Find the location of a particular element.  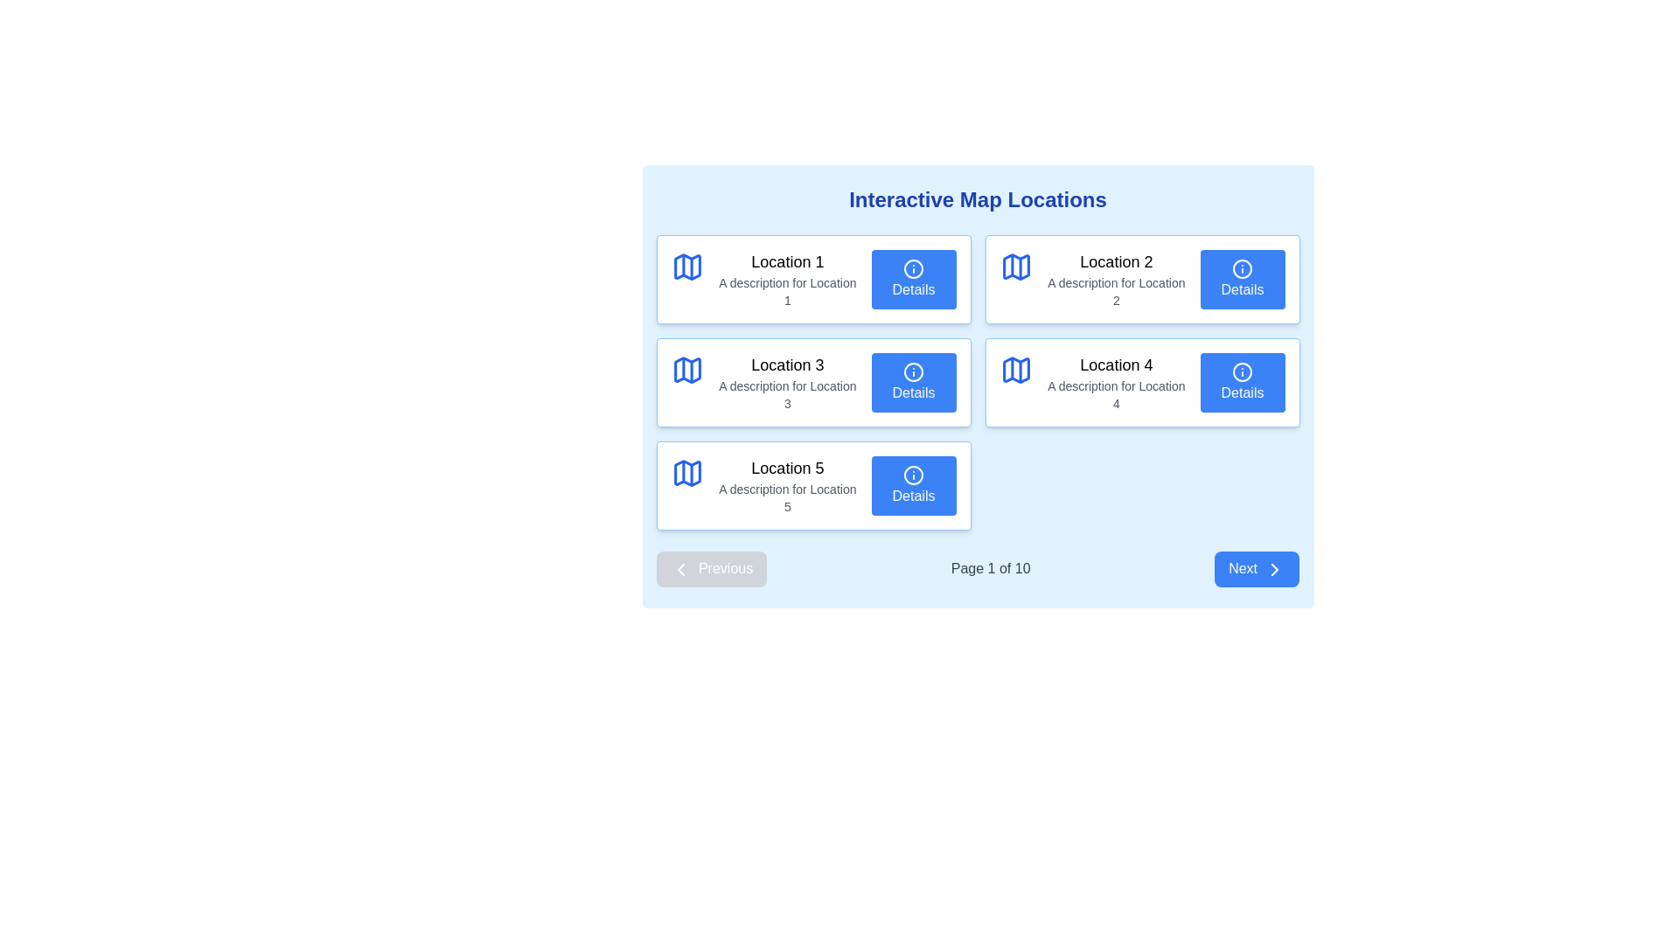

the decorative icon associated with the 'Details' button for 'Location 2', located in the first row and second column of the grid layout is located at coordinates (1241, 269).